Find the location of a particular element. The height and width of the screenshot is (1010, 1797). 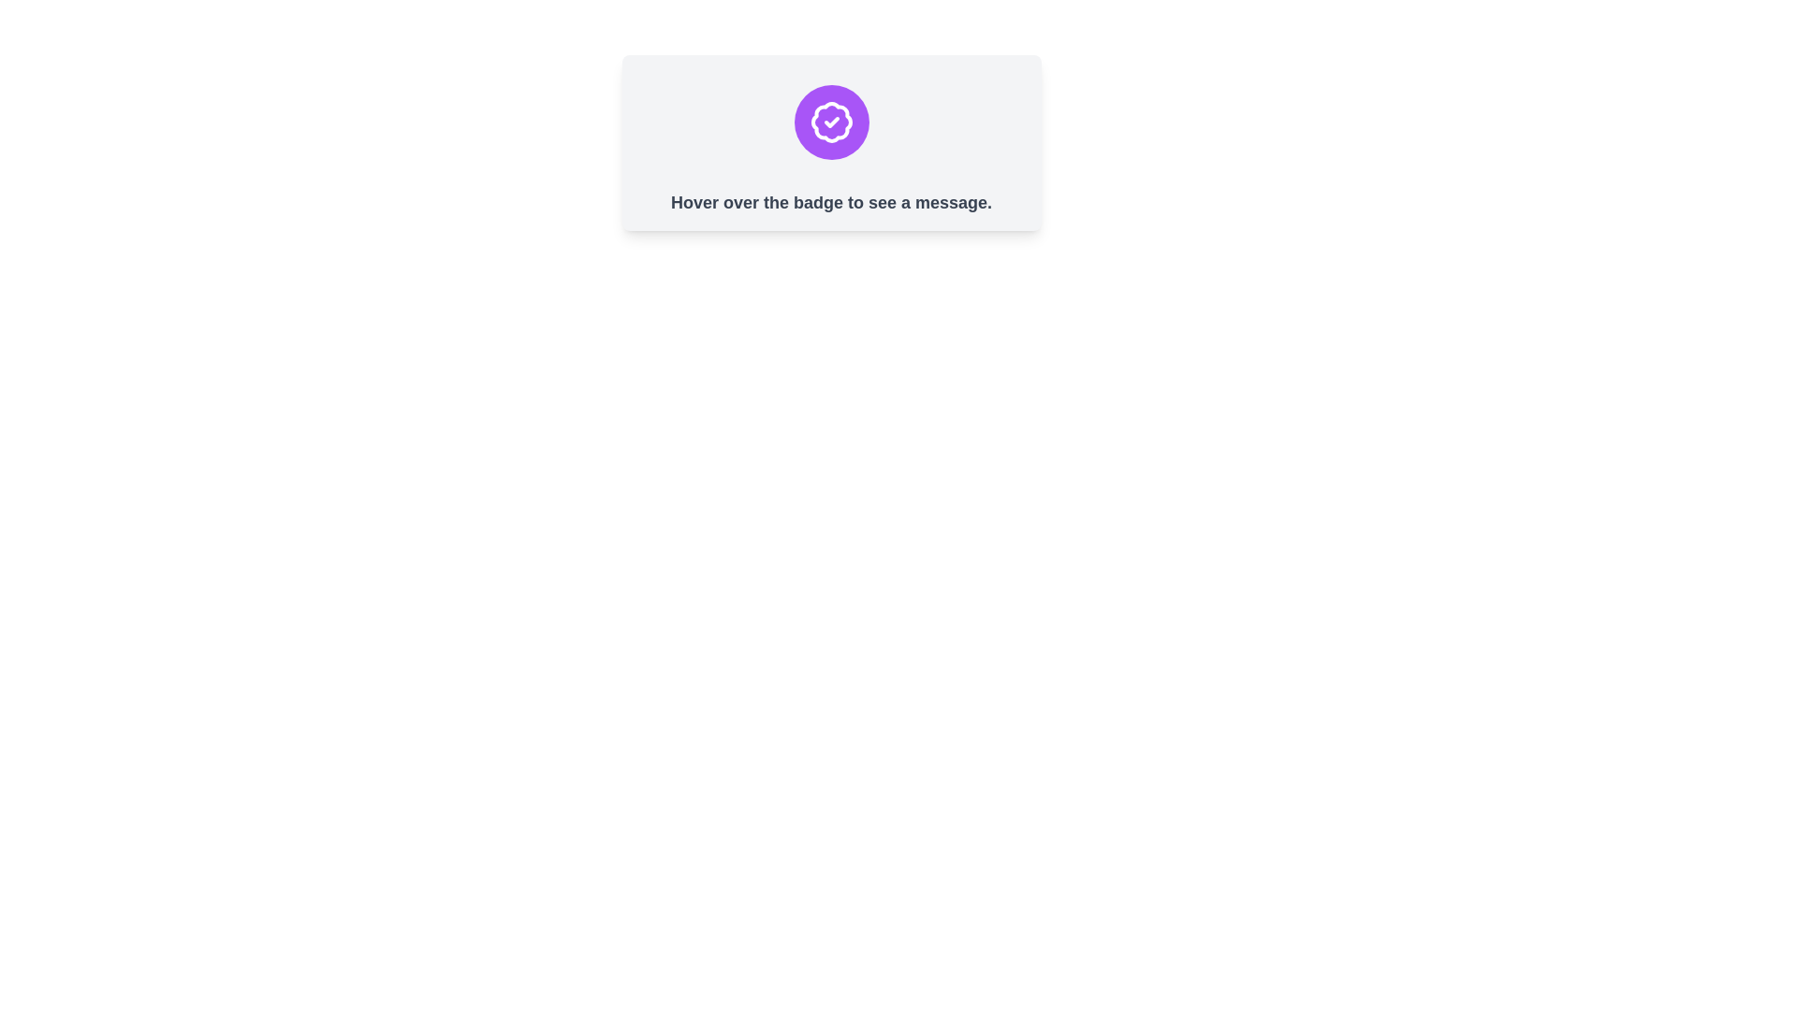

the graphical decoration element that symbolizes recognition within the badge component, which is centrally located in the interface is located at coordinates (830, 123).